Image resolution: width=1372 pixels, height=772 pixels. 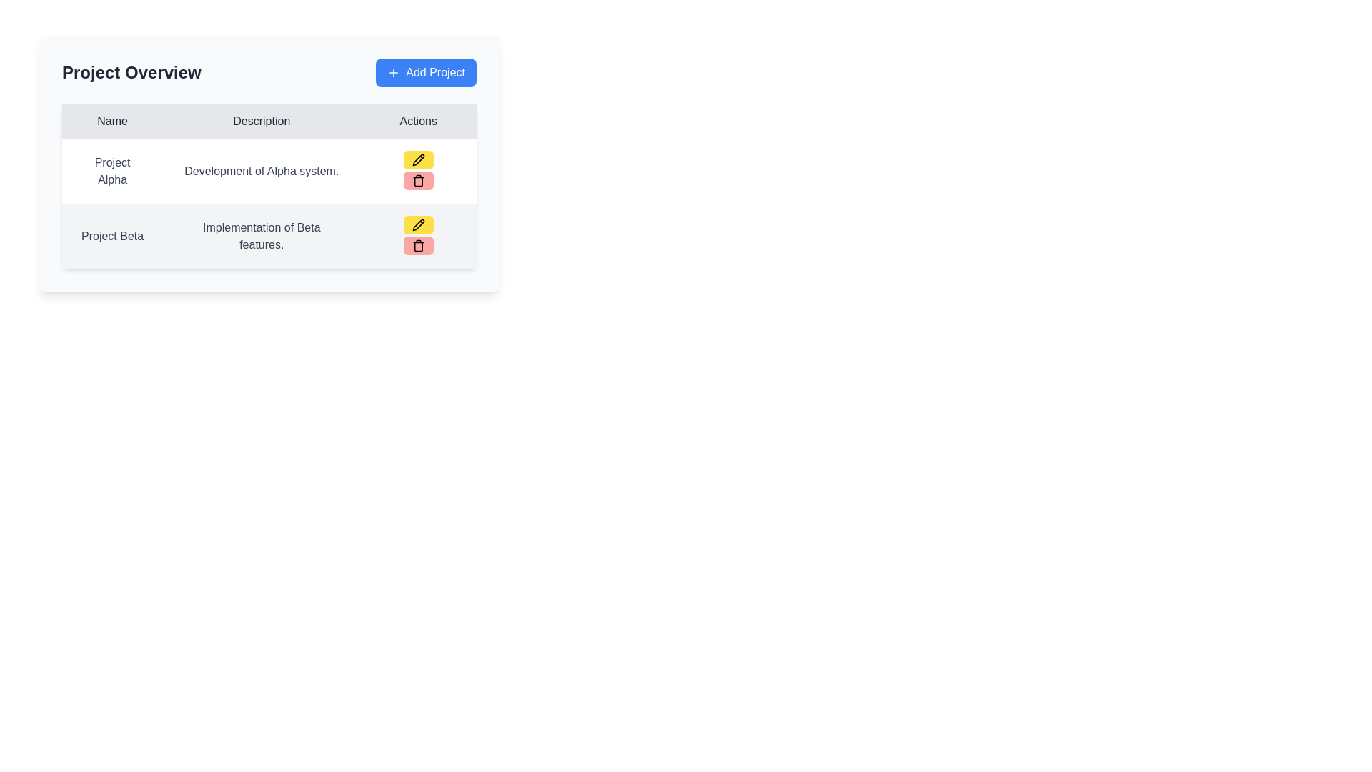 I want to click on the text label 'Project Beta' located in the second row of the table under the 'Name' column, which is styled with gray text color and centered alignment, so click(x=111, y=235).